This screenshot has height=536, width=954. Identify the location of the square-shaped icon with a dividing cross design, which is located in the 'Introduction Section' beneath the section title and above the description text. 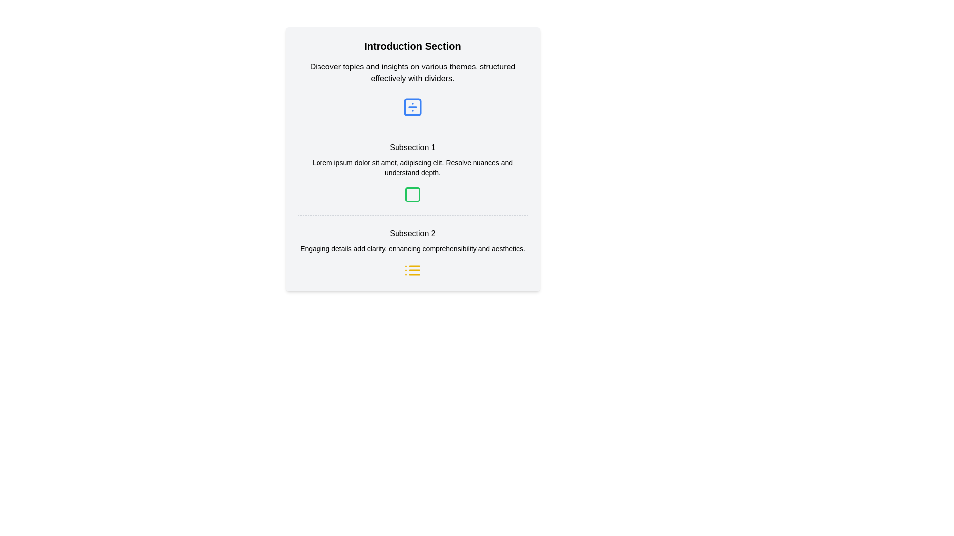
(412, 107).